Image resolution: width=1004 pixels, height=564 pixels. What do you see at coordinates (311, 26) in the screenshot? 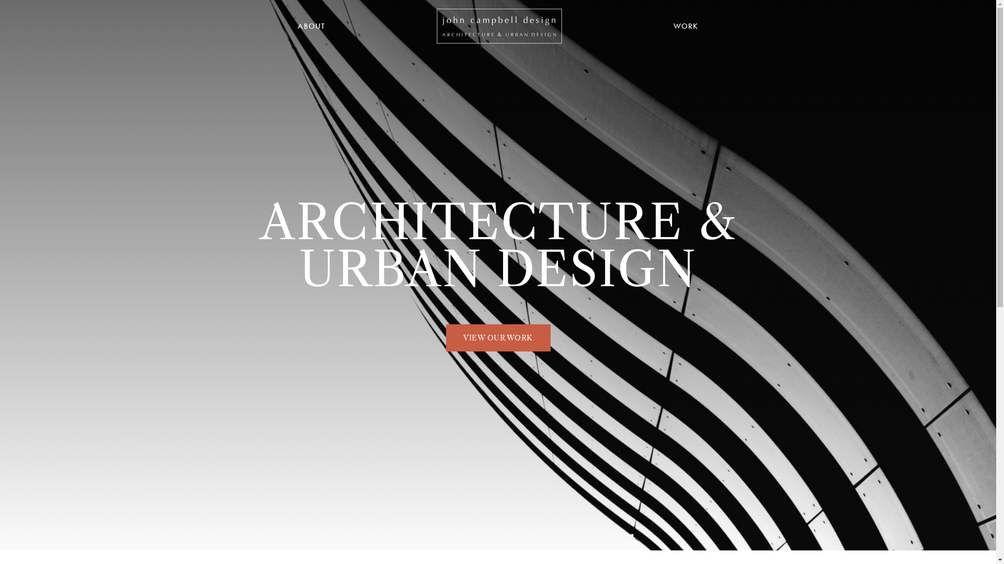
I see `'ABOUT'` at bounding box center [311, 26].